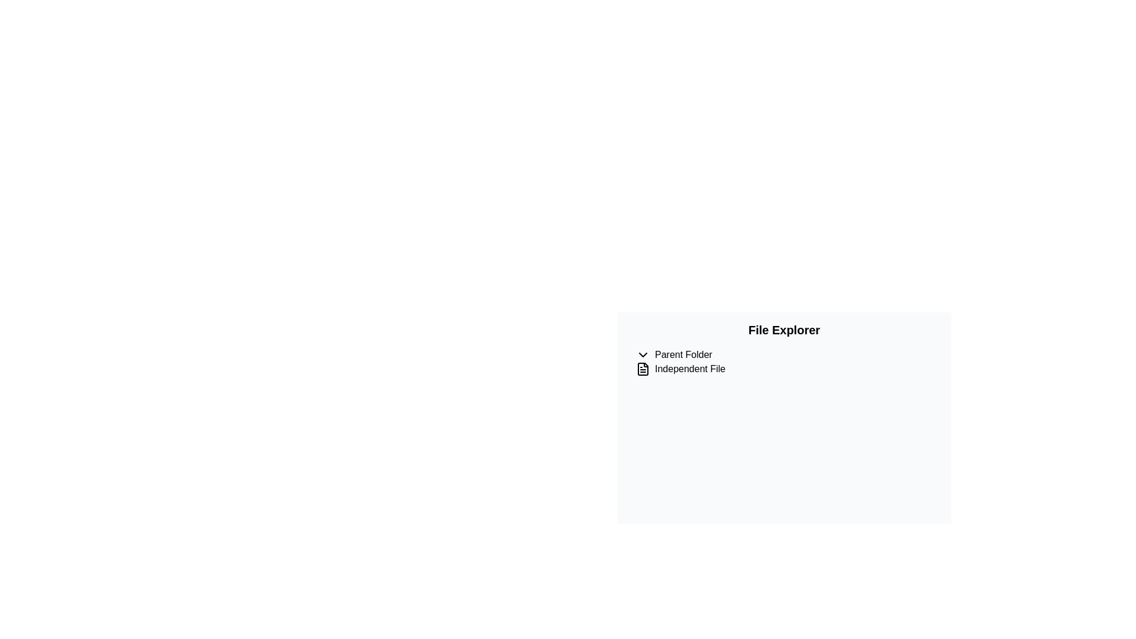 This screenshot has width=1136, height=639. Describe the element at coordinates (642, 369) in the screenshot. I see `the file icon resembling a document next to the text 'Independent File'` at that location.